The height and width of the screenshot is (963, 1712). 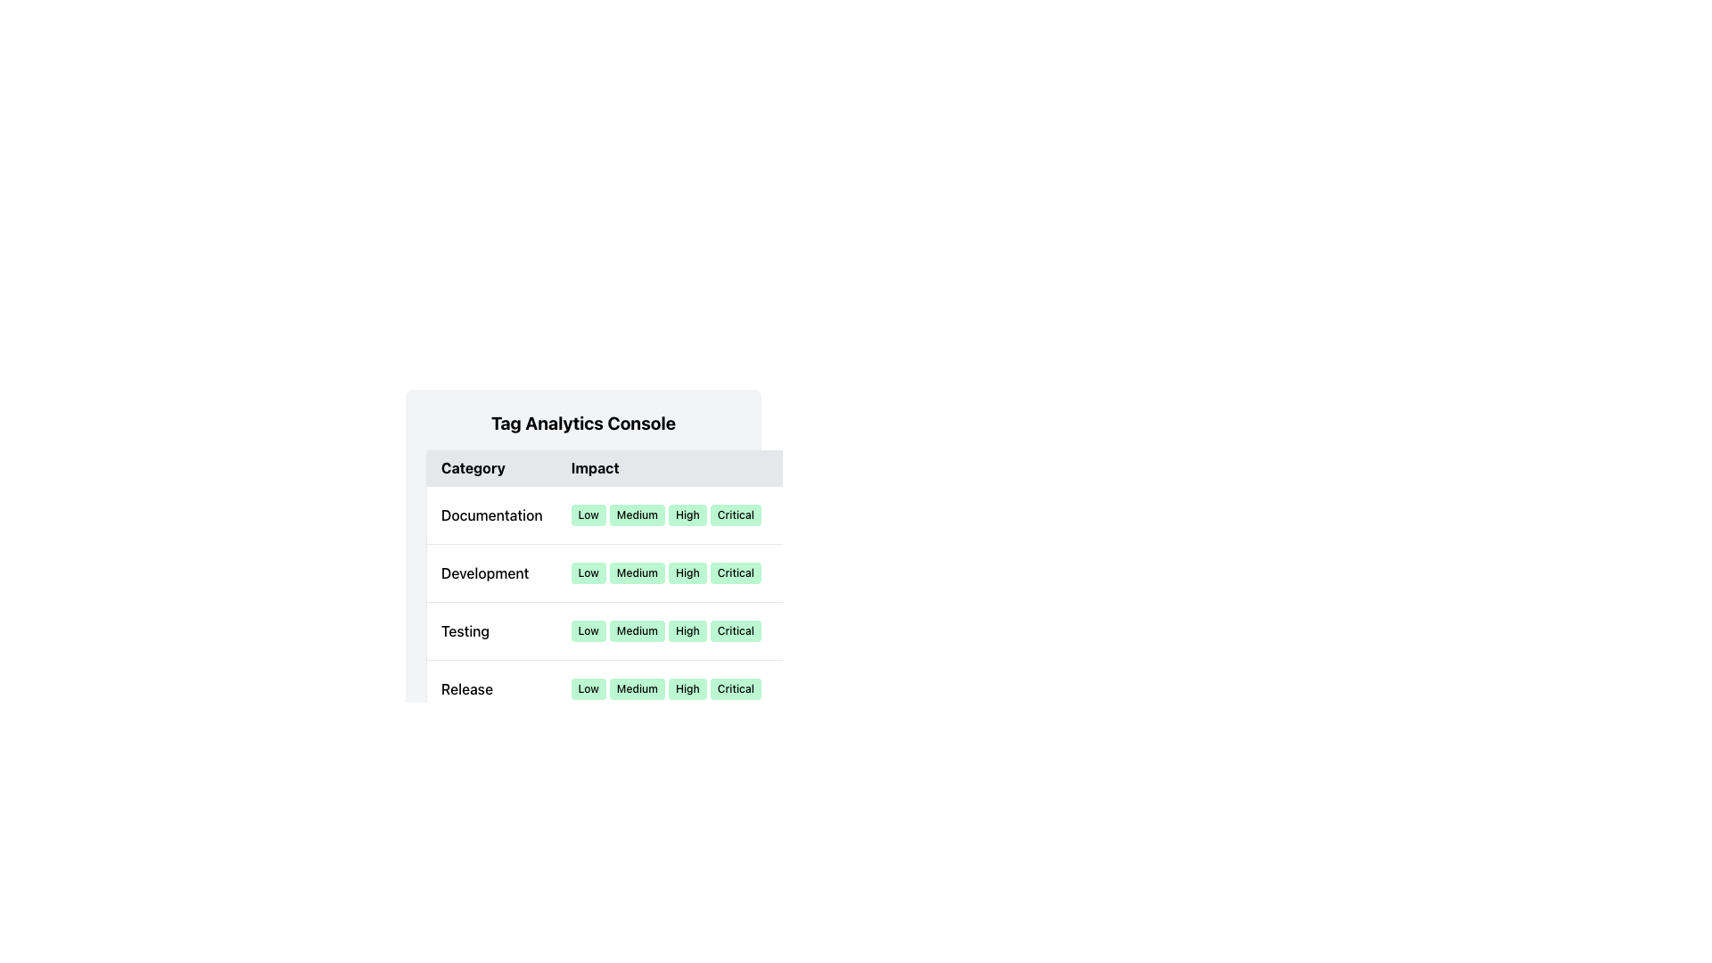 What do you see at coordinates (637, 573) in the screenshot?
I see `the 'Medium' impact label in the 'Development' category of the table to interact with it` at bounding box center [637, 573].